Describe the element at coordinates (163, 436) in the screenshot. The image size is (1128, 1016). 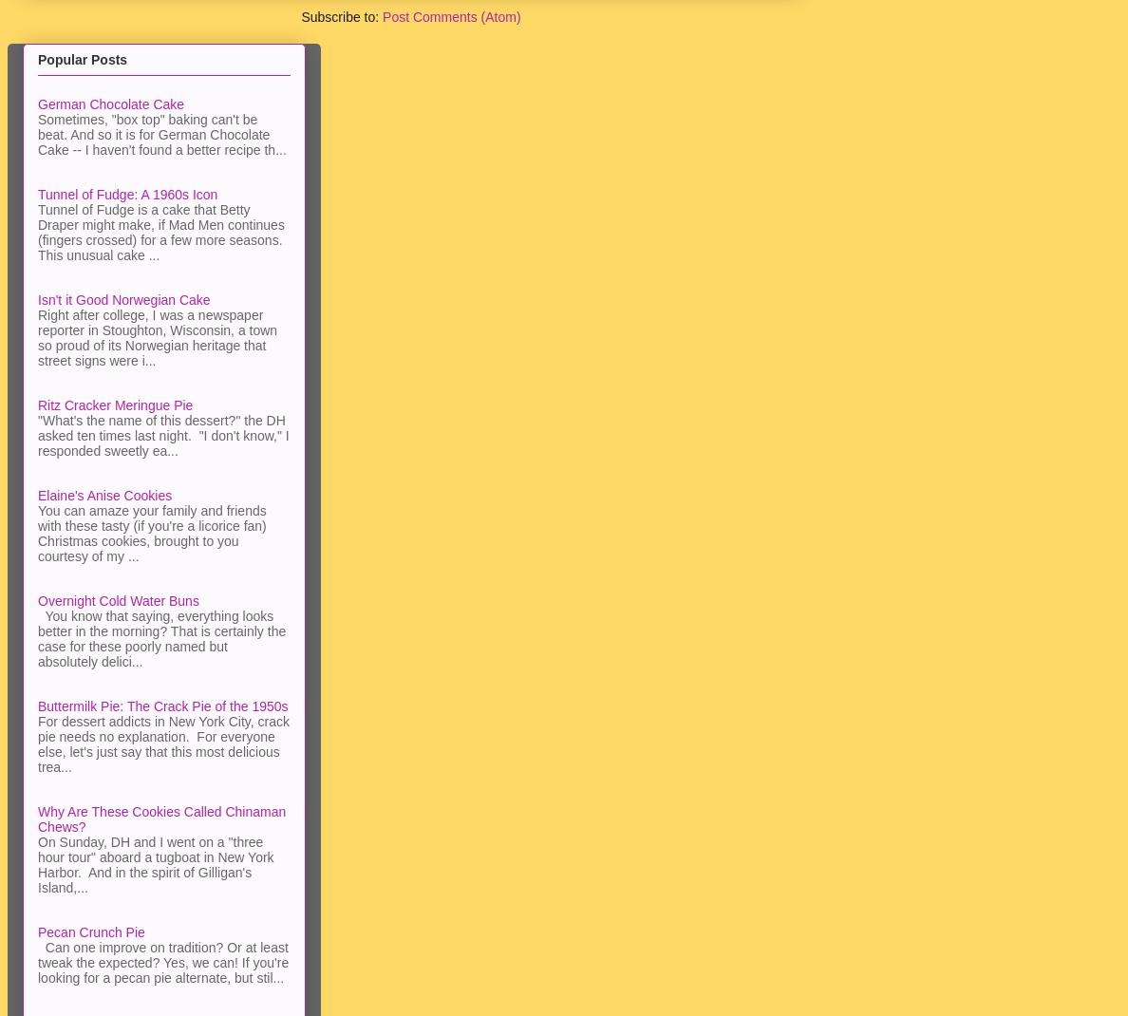
I see `'"What's the name of this dessert?" the DH asked ten times last night.  "I don't know," I responded sweetly ea...'` at that location.